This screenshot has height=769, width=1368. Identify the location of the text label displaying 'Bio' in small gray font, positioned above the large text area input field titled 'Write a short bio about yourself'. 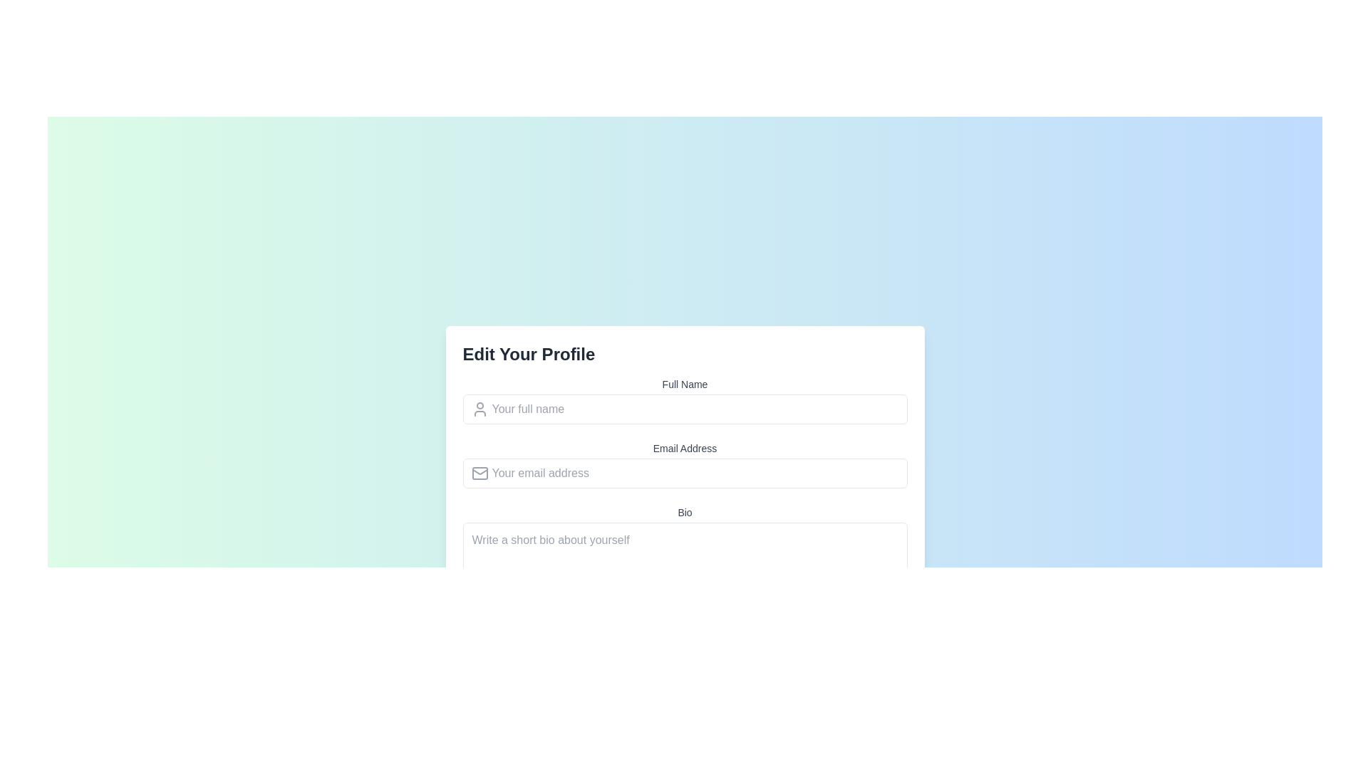
(685, 511).